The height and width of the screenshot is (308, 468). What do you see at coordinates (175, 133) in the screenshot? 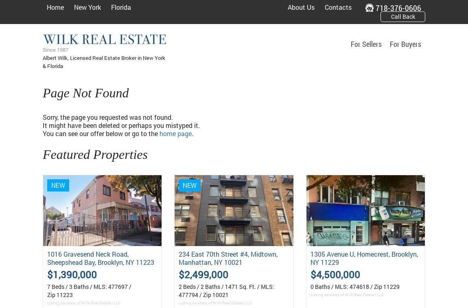
I see `'home page'` at bounding box center [175, 133].